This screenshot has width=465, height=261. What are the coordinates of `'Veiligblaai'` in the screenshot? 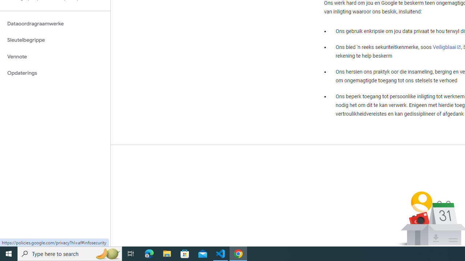 It's located at (446, 47).